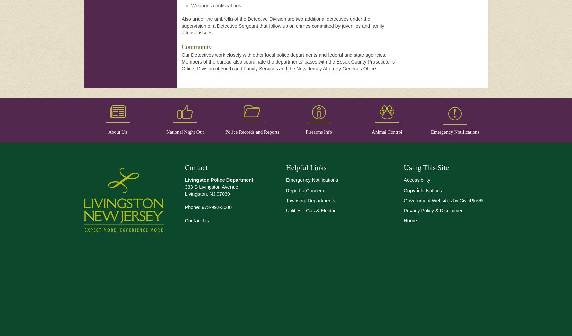 This screenshot has height=336, width=572. What do you see at coordinates (117, 132) in the screenshot?
I see `'About Us'` at bounding box center [117, 132].